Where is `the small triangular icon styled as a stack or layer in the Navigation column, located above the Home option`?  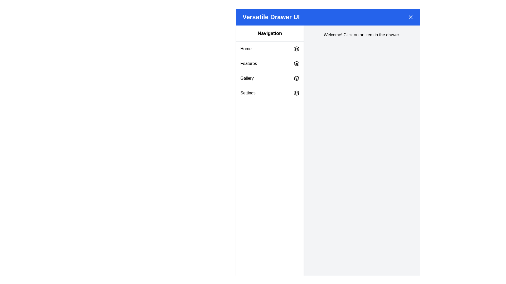 the small triangular icon styled as a stack or layer in the Navigation column, located above the Home option is located at coordinates (297, 48).